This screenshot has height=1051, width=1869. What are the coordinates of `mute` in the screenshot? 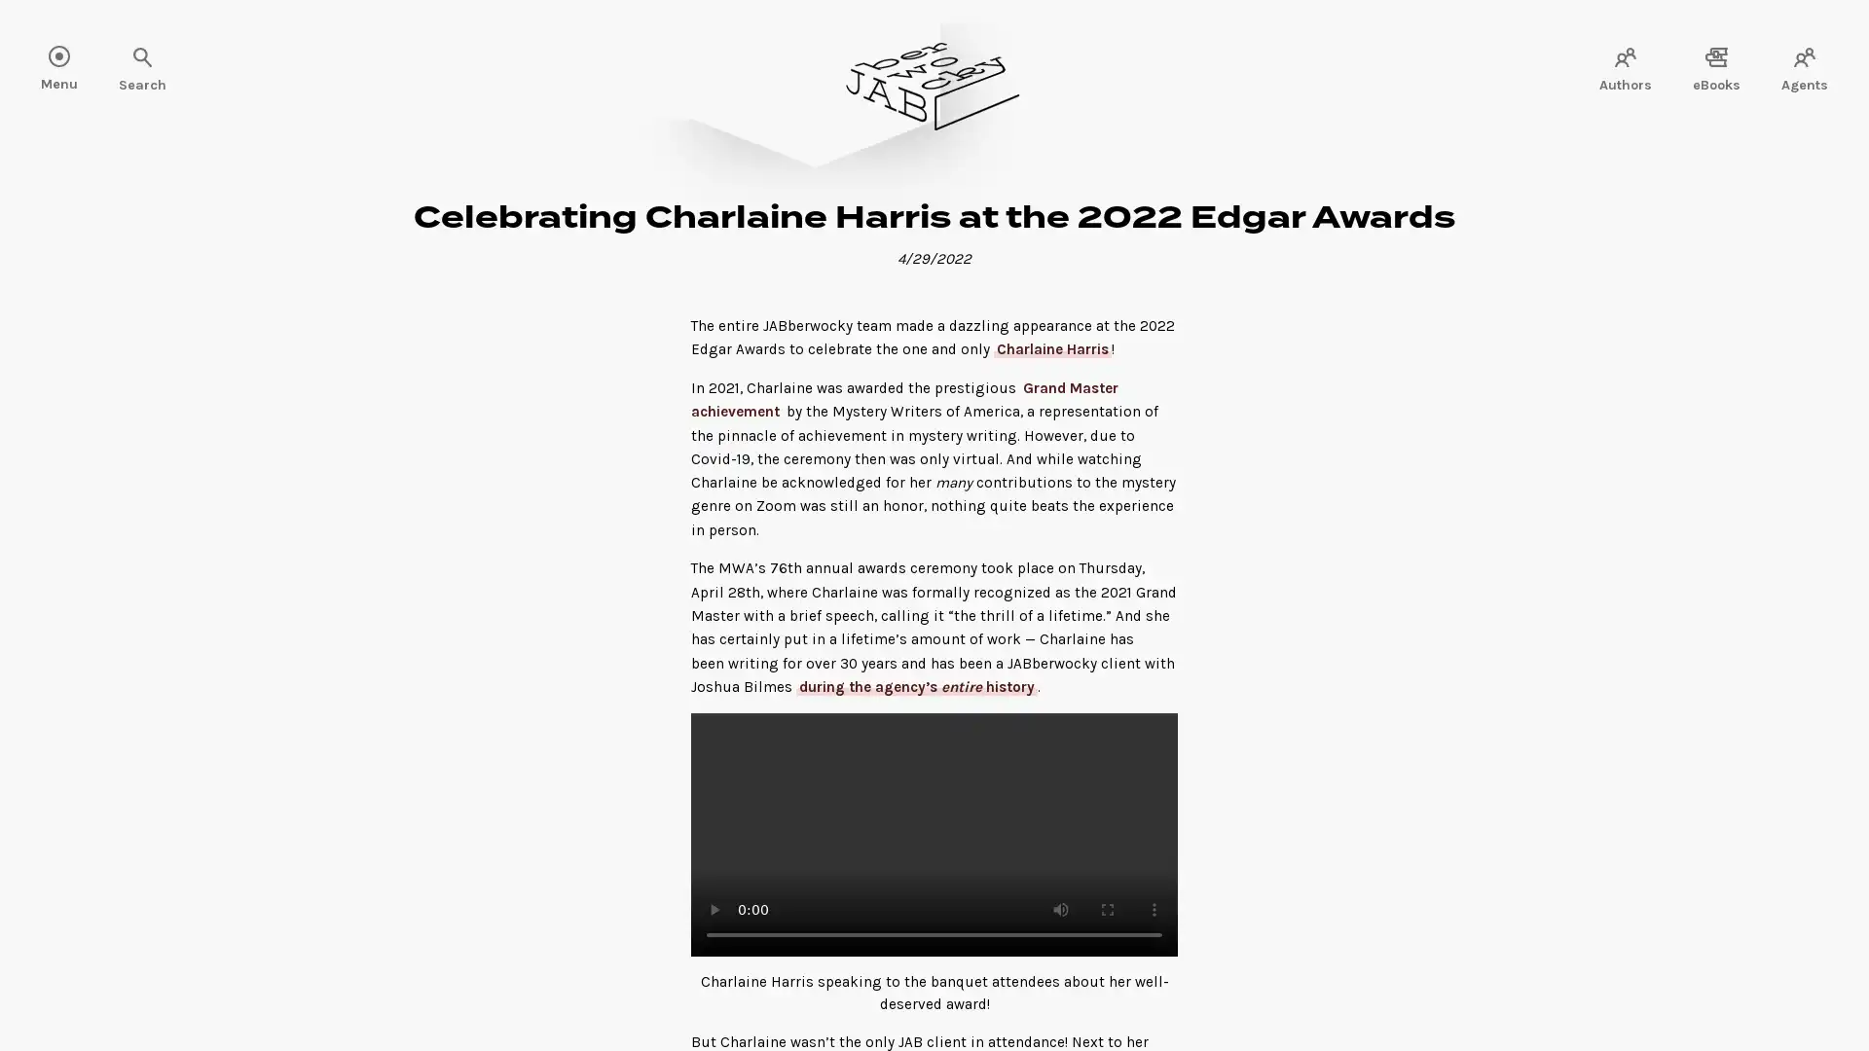 It's located at (1059, 909).